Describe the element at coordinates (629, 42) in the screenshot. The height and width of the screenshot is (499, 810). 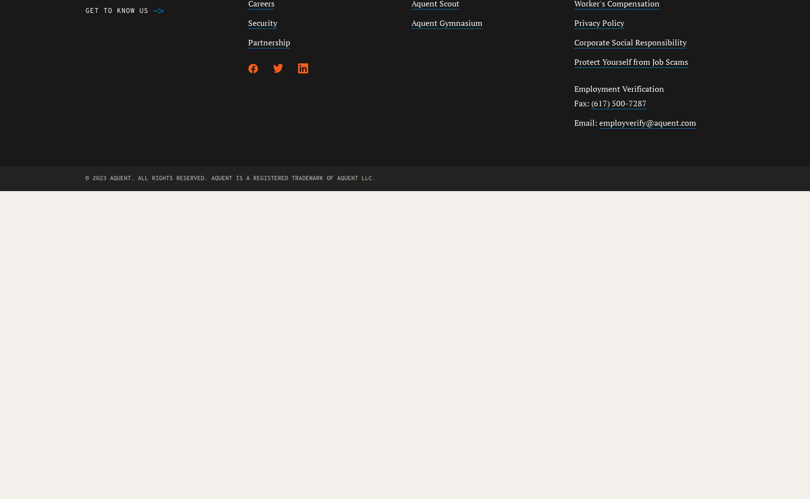
I see `'Corporate Social Responsibility'` at that location.